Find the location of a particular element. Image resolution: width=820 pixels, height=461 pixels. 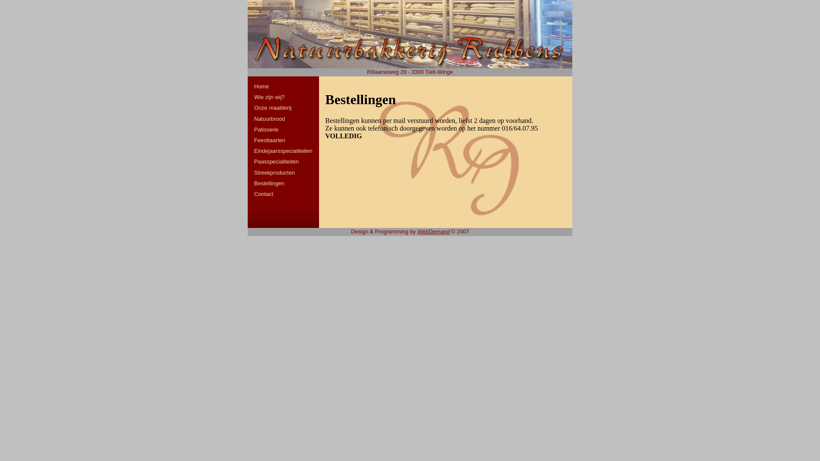

'Onze maalderij' is located at coordinates (272, 107).